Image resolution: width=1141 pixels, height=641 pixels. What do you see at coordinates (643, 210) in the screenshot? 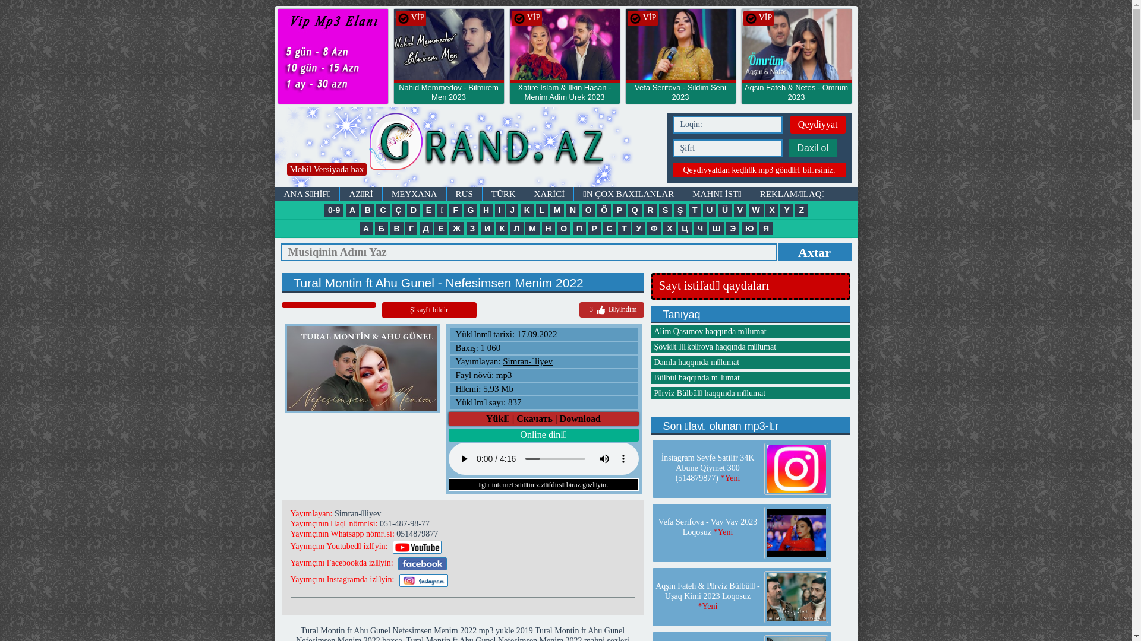
I see `'R'` at bounding box center [643, 210].